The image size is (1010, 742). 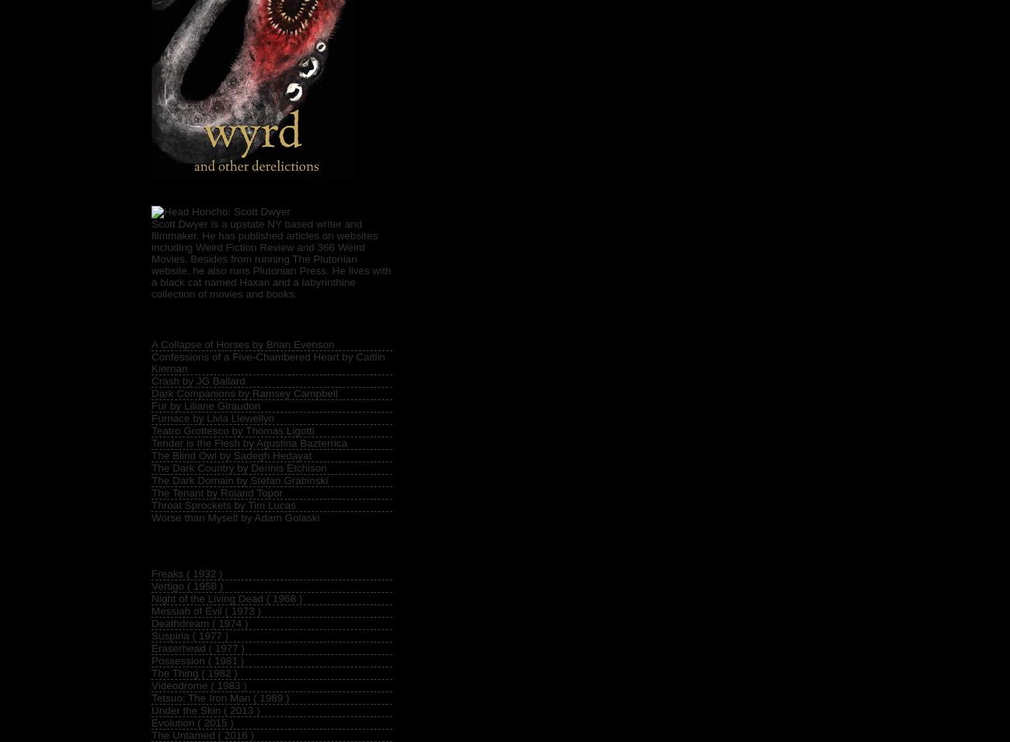 I want to click on 'Vertigo ( 1958 )', so click(x=186, y=584).